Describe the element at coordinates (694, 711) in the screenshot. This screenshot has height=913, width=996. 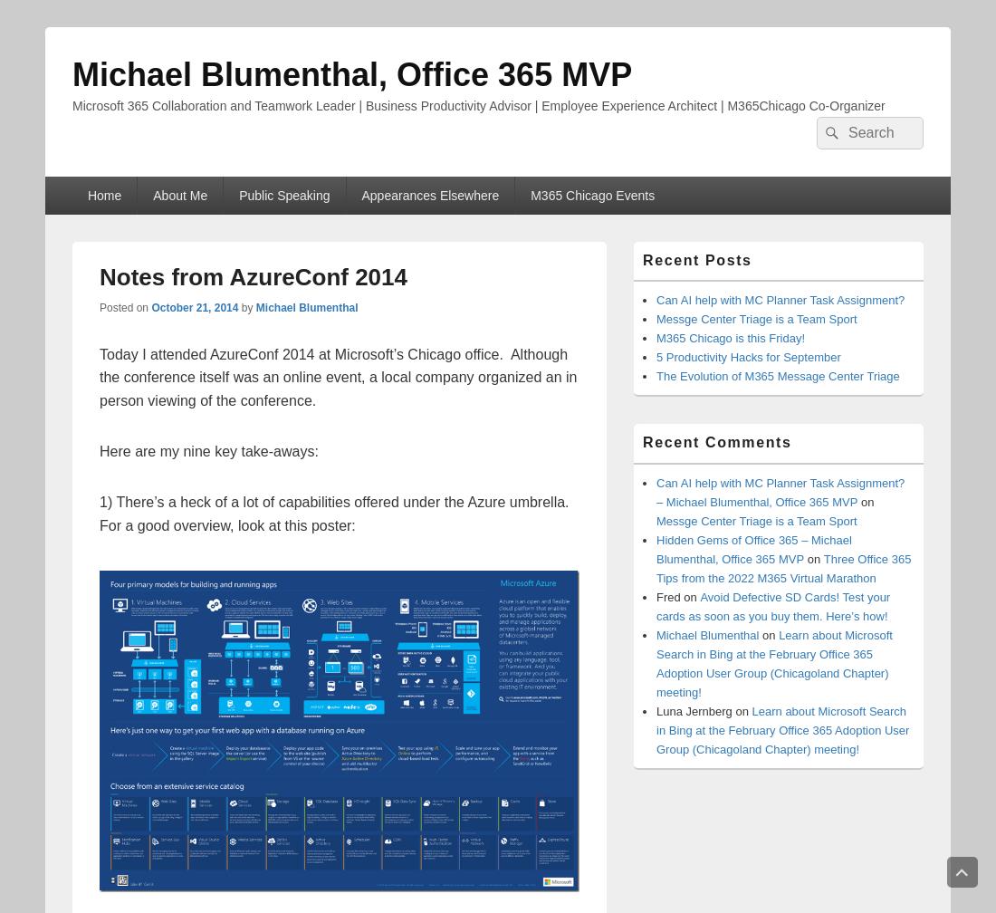
I see `'Luna Jernberg'` at that location.